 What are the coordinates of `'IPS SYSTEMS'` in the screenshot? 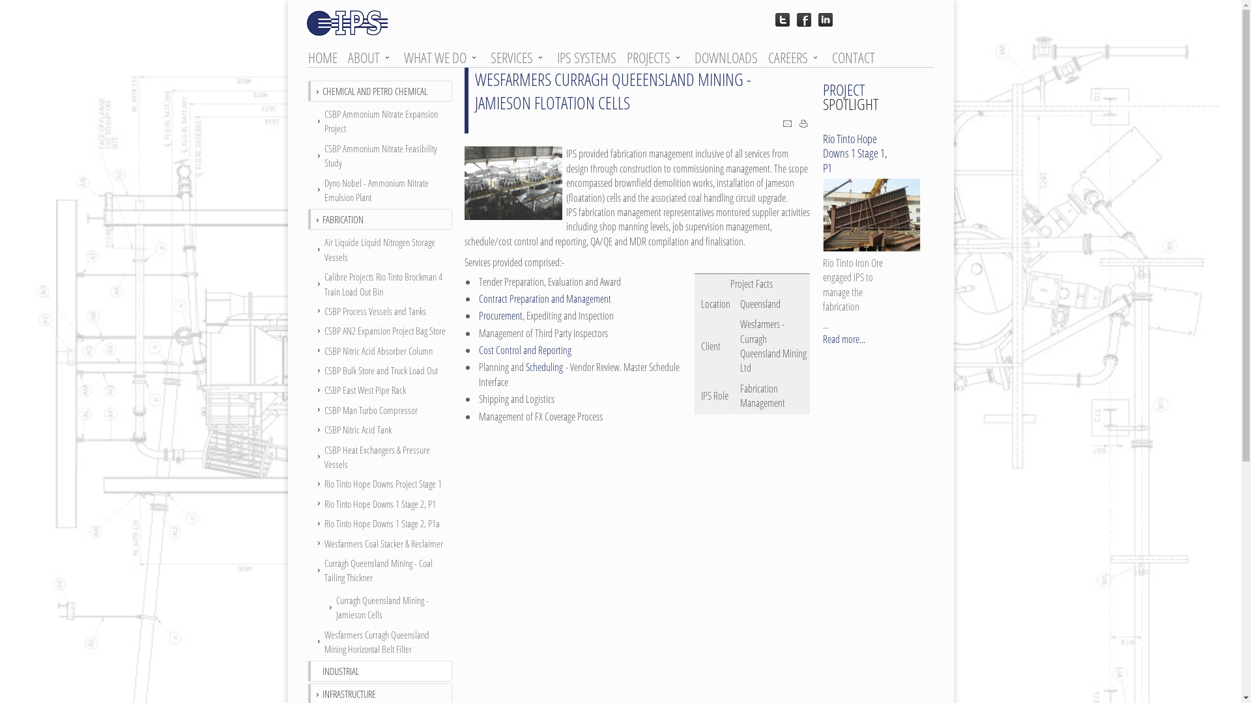 It's located at (590, 57).